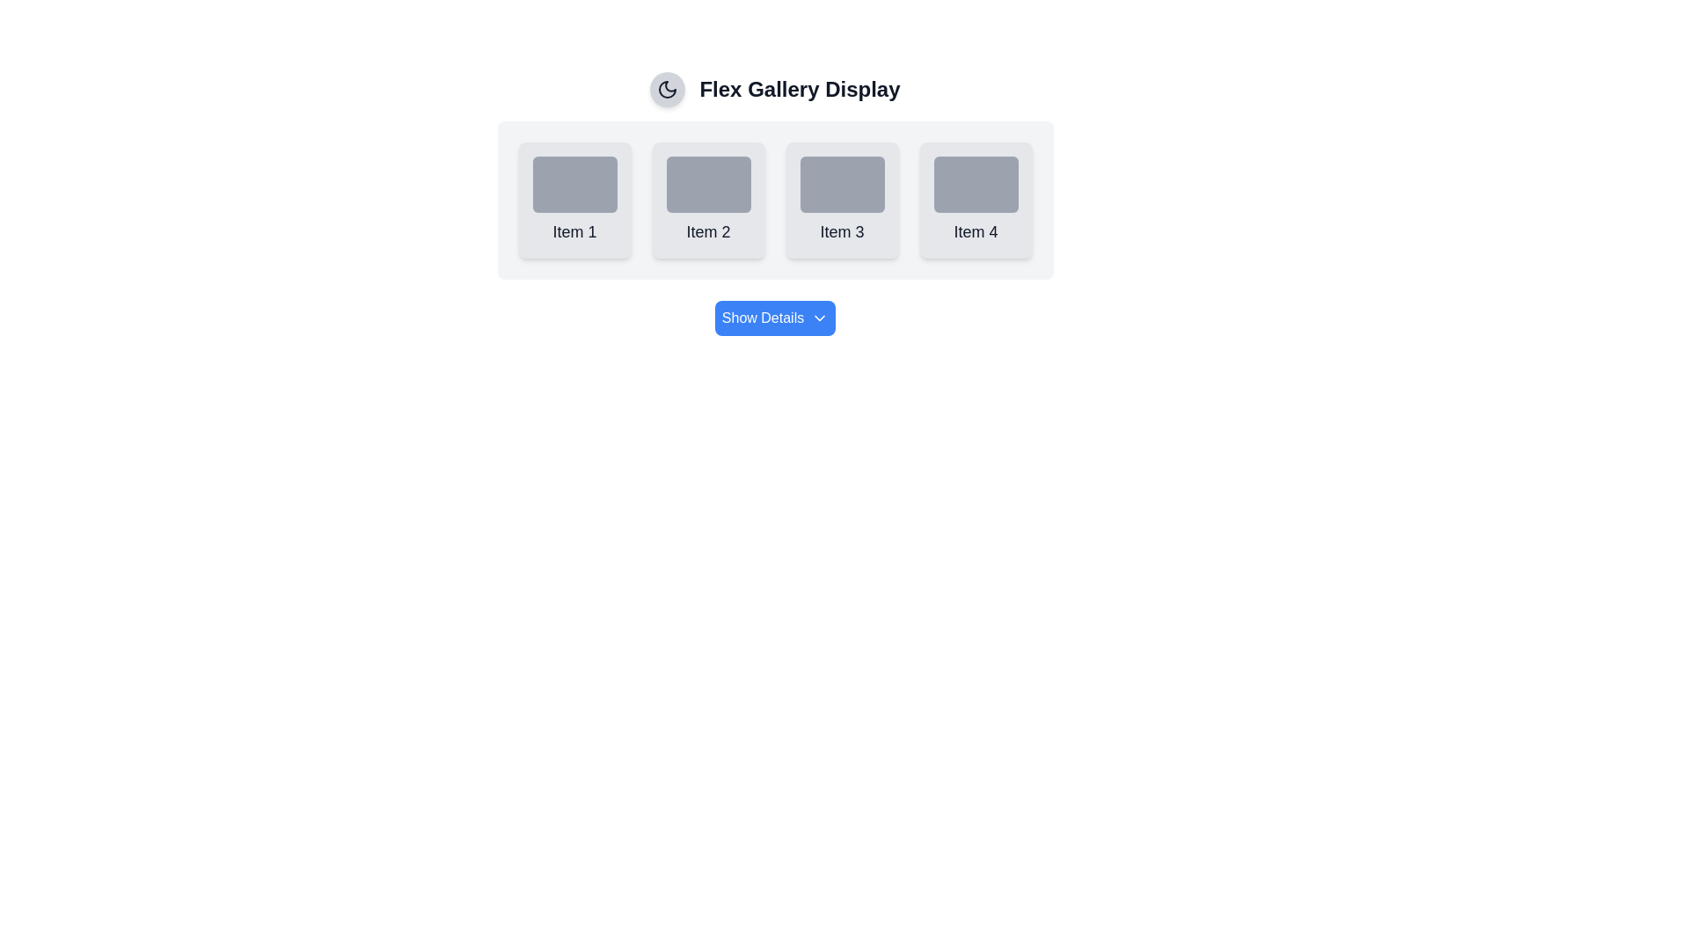  Describe the element at coordinates (774, 307) in the screenshot. I see `the blue rectangular button labeled 'Show Details' with a chevron pointing downwards` at that location.